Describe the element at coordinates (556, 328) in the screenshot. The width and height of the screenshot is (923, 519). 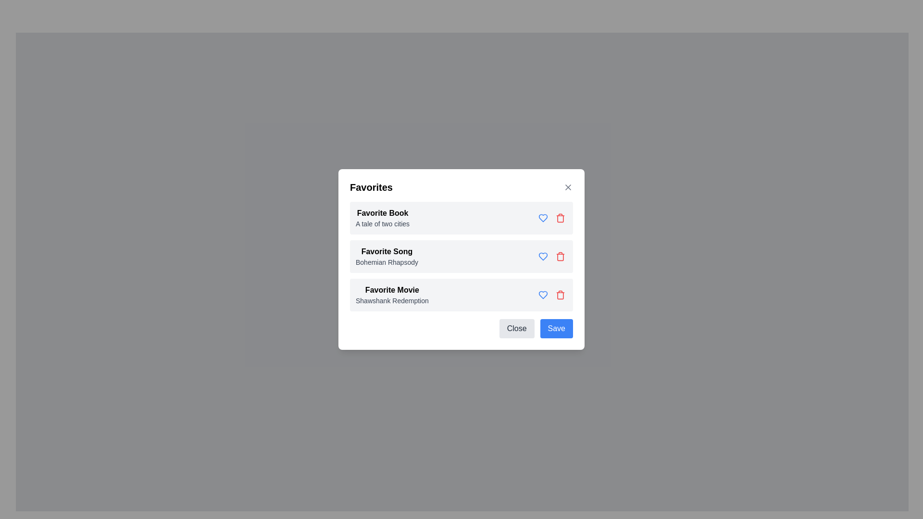
I see `the 'Save' button, which is a blue rounded rectangle with white text, located at the bottom right corner of the modal window` at that location.